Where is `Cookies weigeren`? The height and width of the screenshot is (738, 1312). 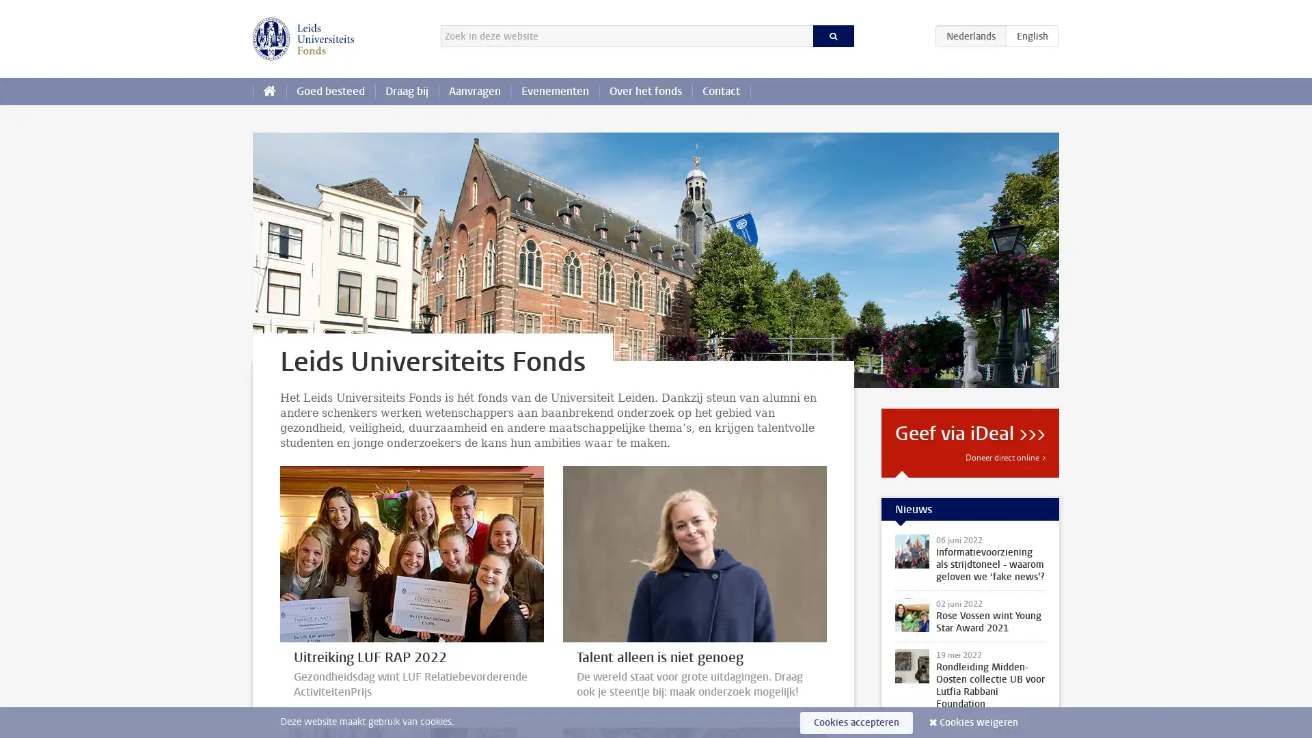
Cookies weigeren is located at coordinates (978, 722).